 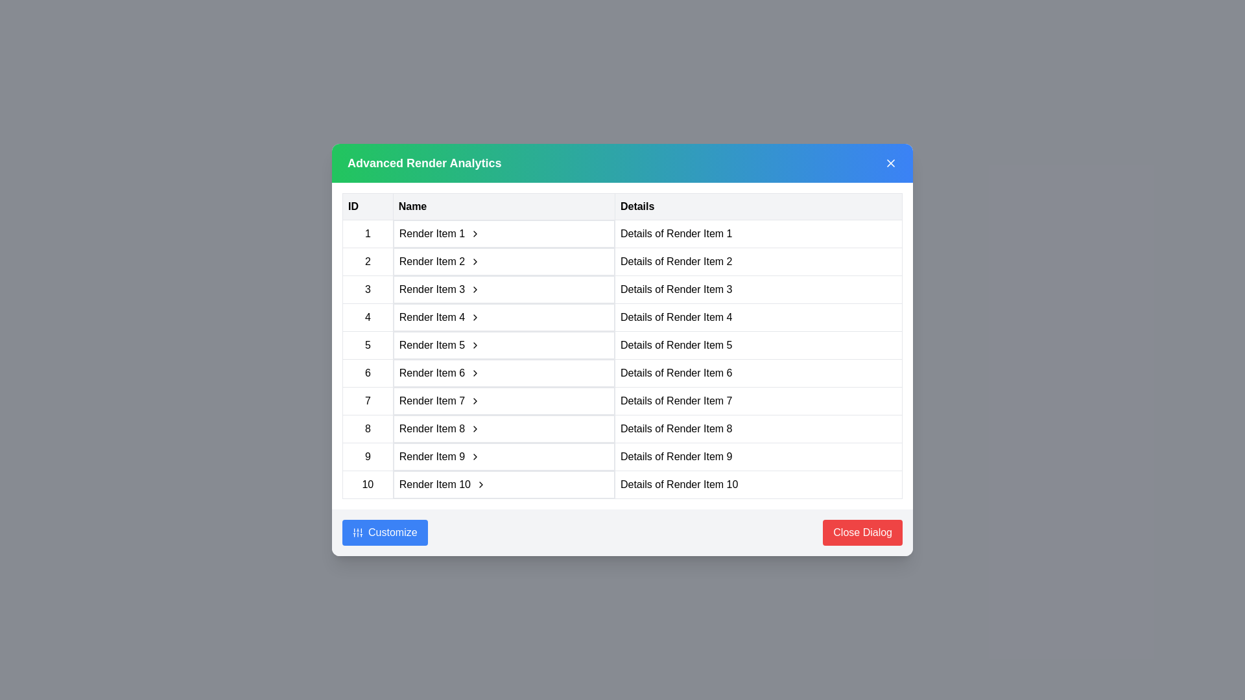 I want to click on the 'Customize' button to open the customization settings, so click(x=384, y=532).